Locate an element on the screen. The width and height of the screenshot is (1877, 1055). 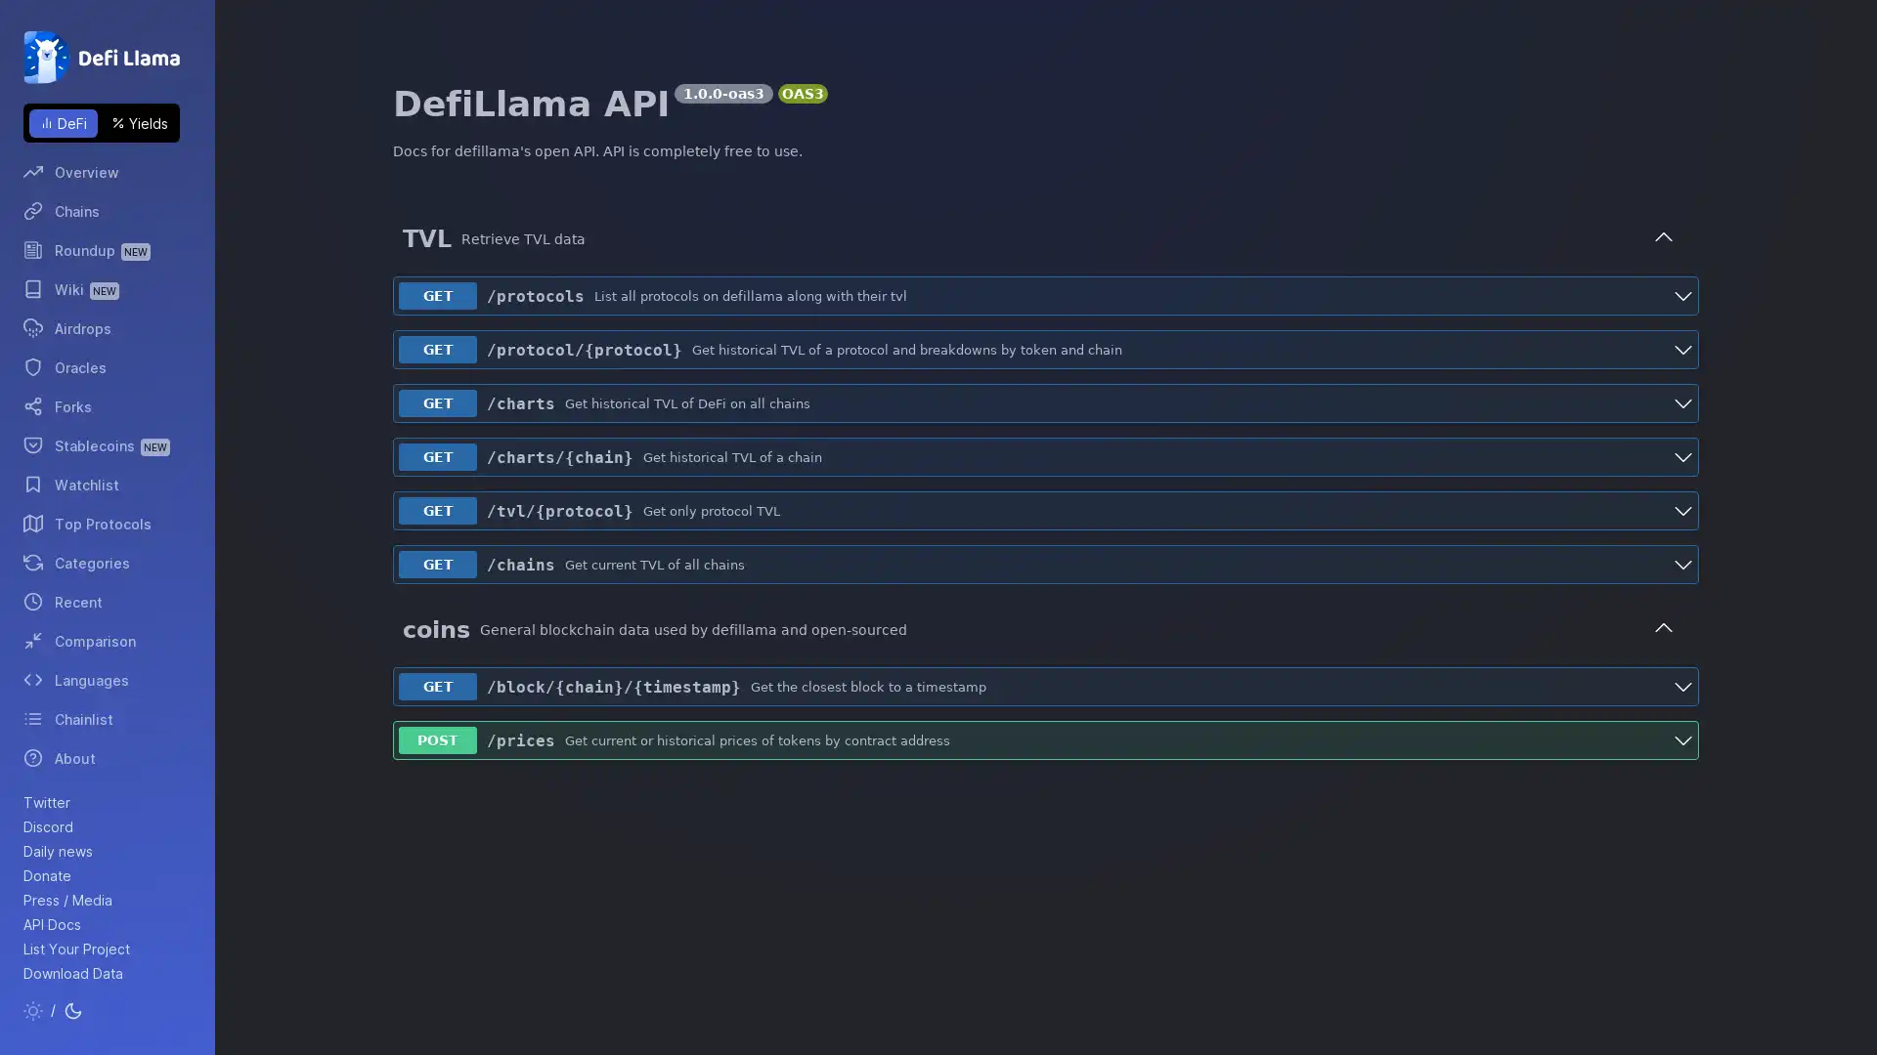
get /chains is located at coordinates (1045, 565).